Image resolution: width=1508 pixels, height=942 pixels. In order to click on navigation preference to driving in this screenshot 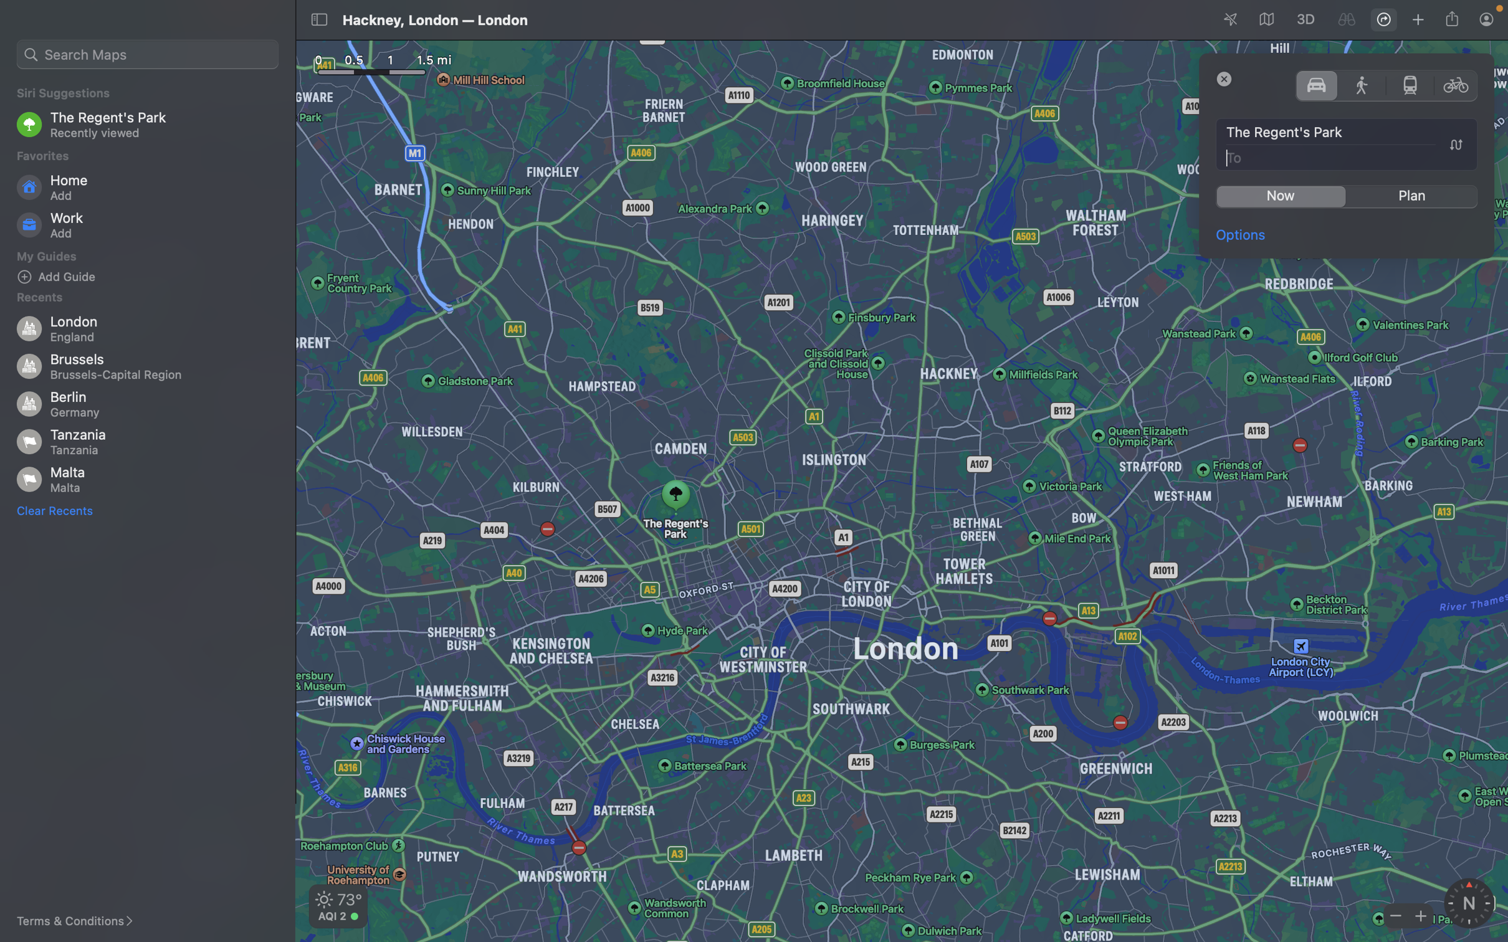, I will do `click(1316, 84)`.